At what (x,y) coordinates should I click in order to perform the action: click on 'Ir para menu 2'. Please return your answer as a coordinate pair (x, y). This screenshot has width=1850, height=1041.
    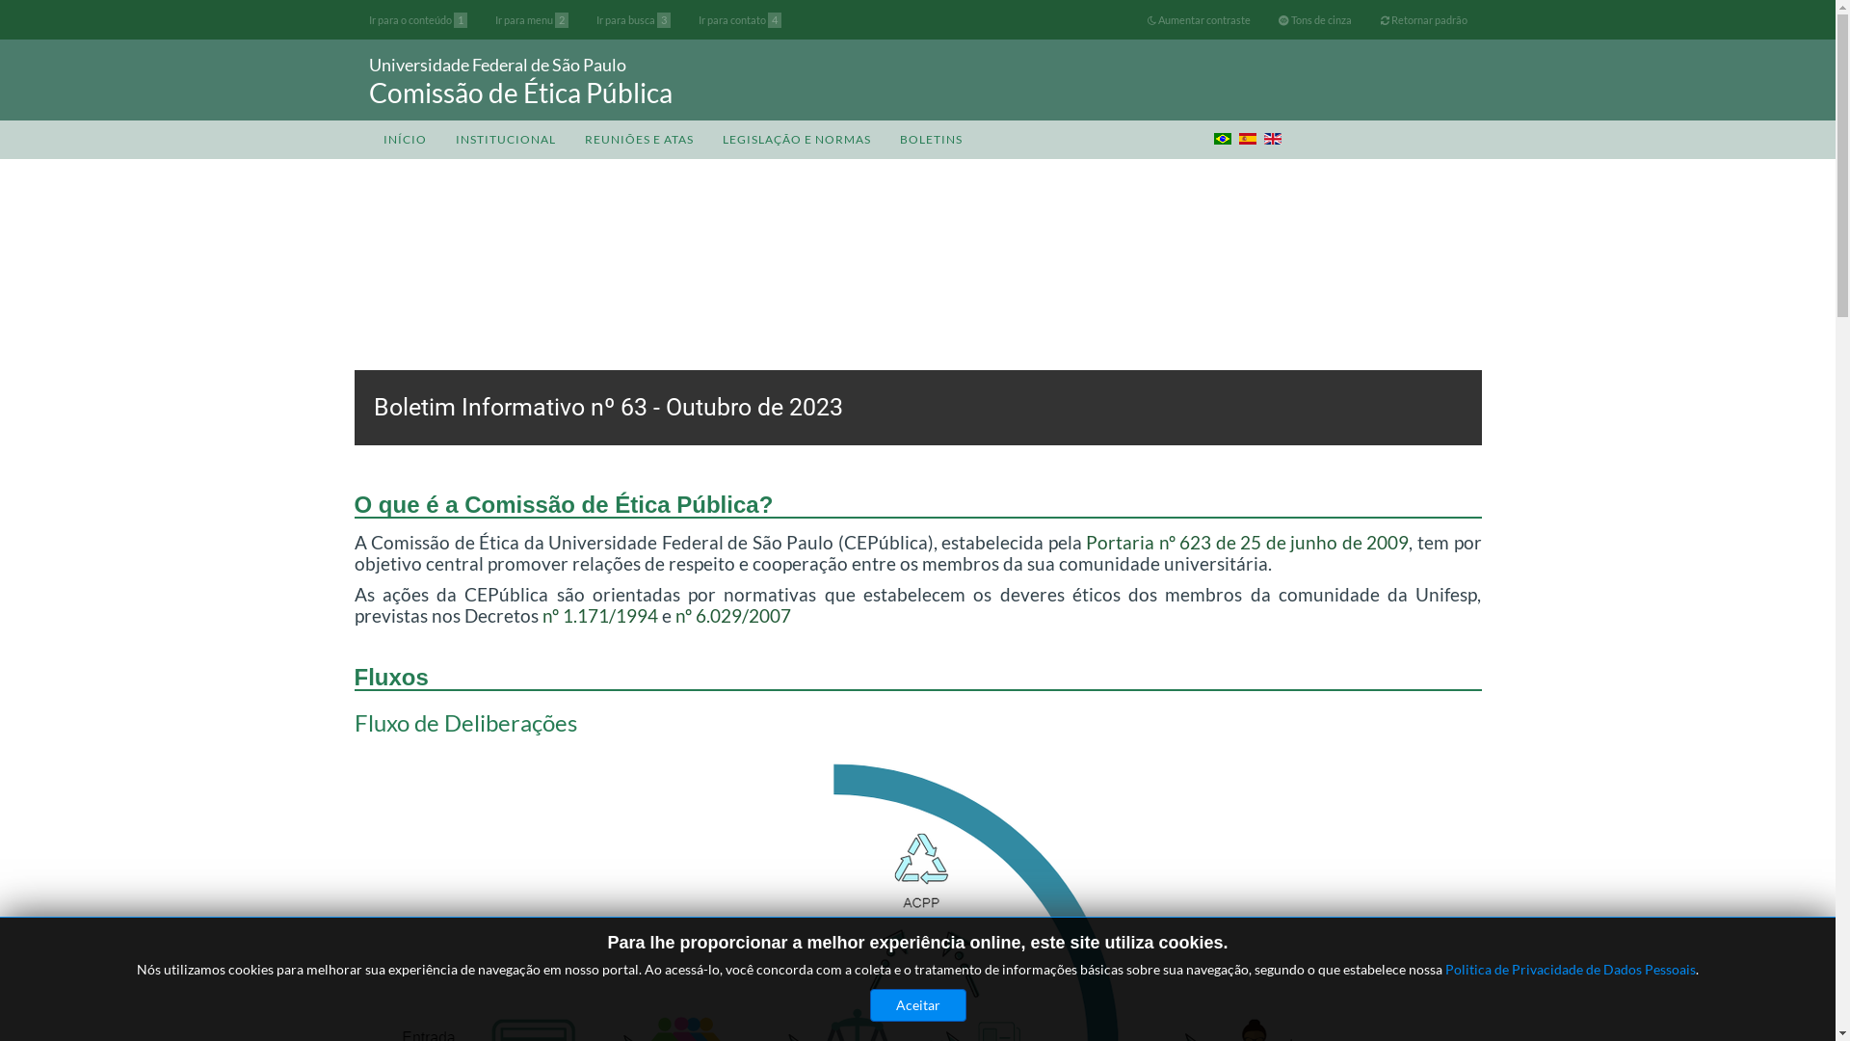
    Looking at the image, I should click on (532, 19).